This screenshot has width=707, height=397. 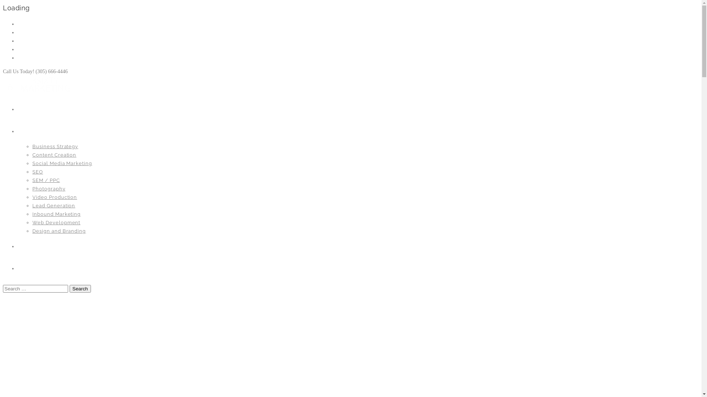 What do you see at coordinates (29, 268) in the screenshot?
I see `'Contact'` at bounding box center [29, 268].